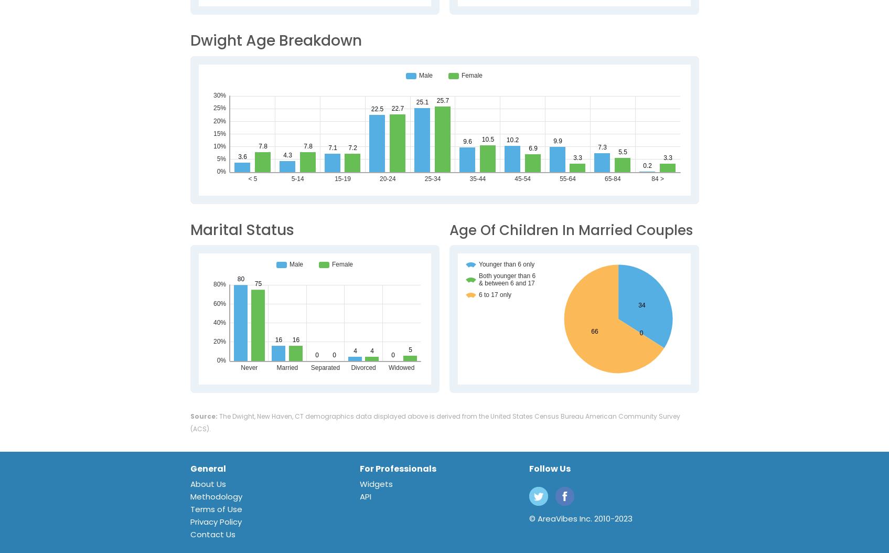  What do you see at coordinates (275, 40) in the screenshot?
I see `'Dwight age breakdown'` at bounding box center [275, 40].